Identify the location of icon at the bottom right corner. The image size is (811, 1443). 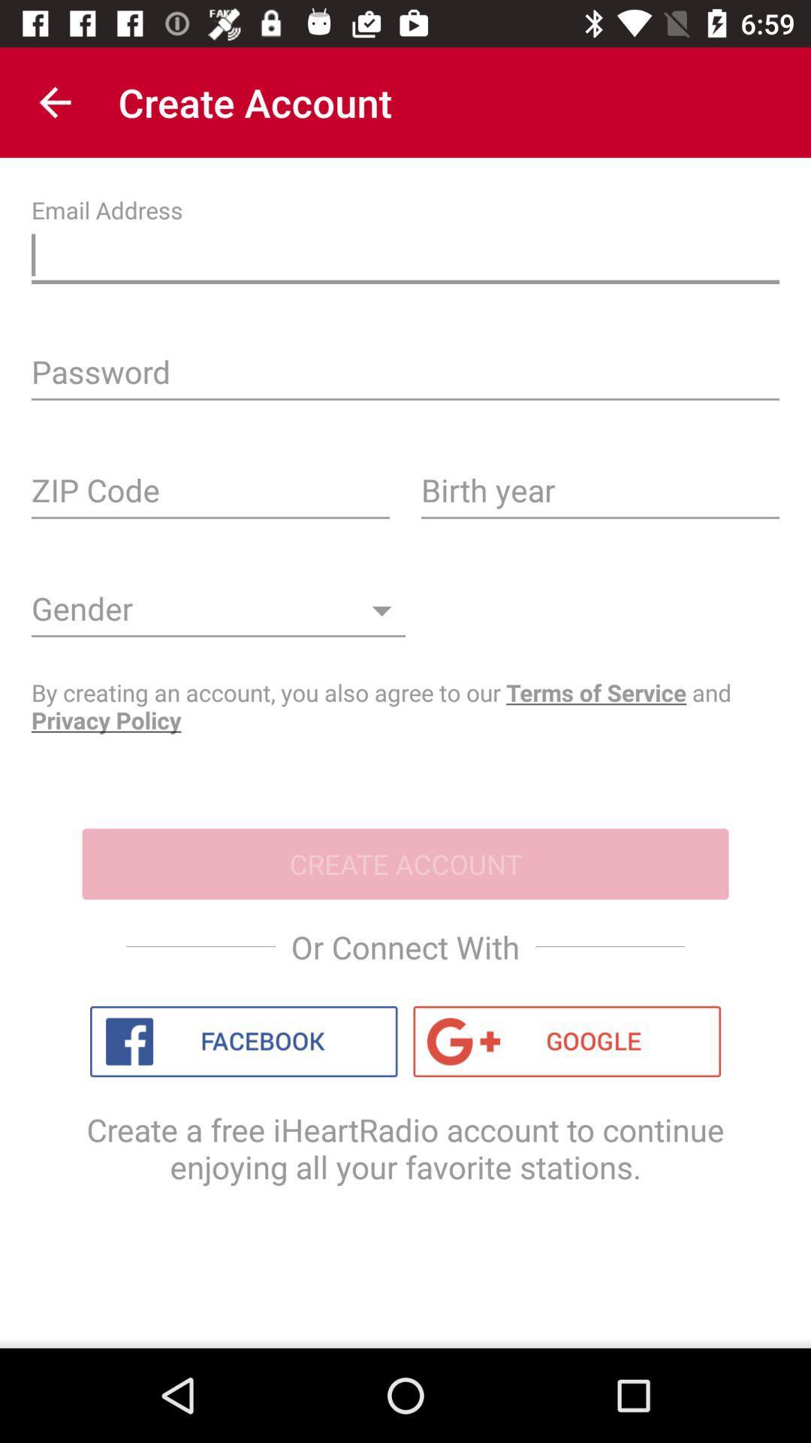
(567, 1041).